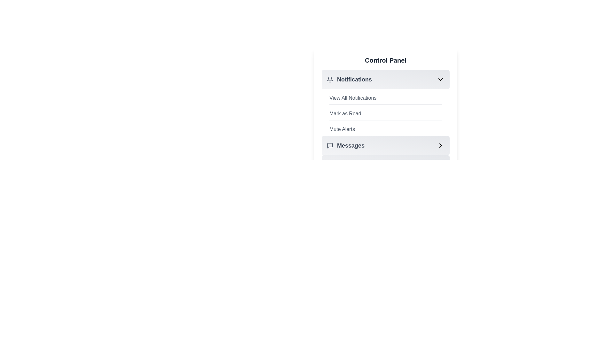 The width and height of the screenshot is (614, 345). I want to click on the chevron icon located on the far-right side of the 'Notifications' panel, so click(440, 79).